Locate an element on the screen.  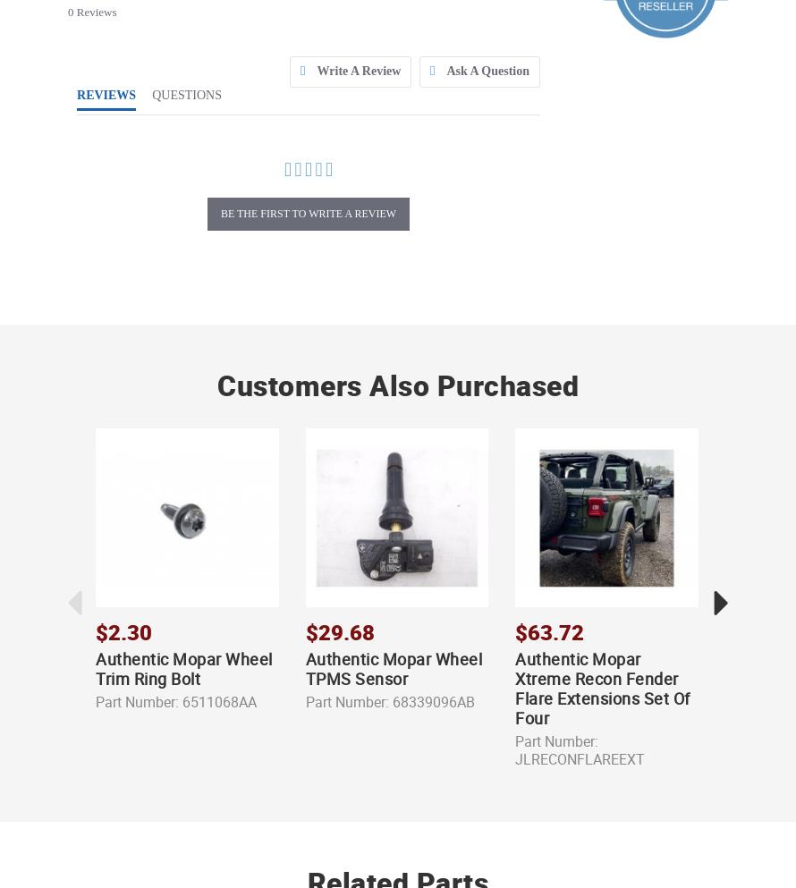
'Part Number: 68339096AB' is located at coordinates (388, 700).